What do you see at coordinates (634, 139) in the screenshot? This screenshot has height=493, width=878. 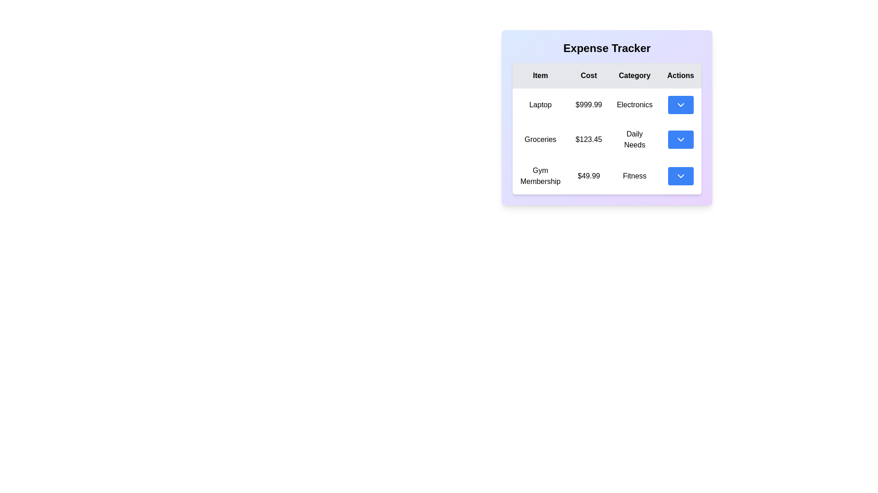 I see `the text label displaying 'Daily Needs' in the 'Category' column of the table, positioned under 'Groceries' and '$123.45'` at bounding box center [634, 139].